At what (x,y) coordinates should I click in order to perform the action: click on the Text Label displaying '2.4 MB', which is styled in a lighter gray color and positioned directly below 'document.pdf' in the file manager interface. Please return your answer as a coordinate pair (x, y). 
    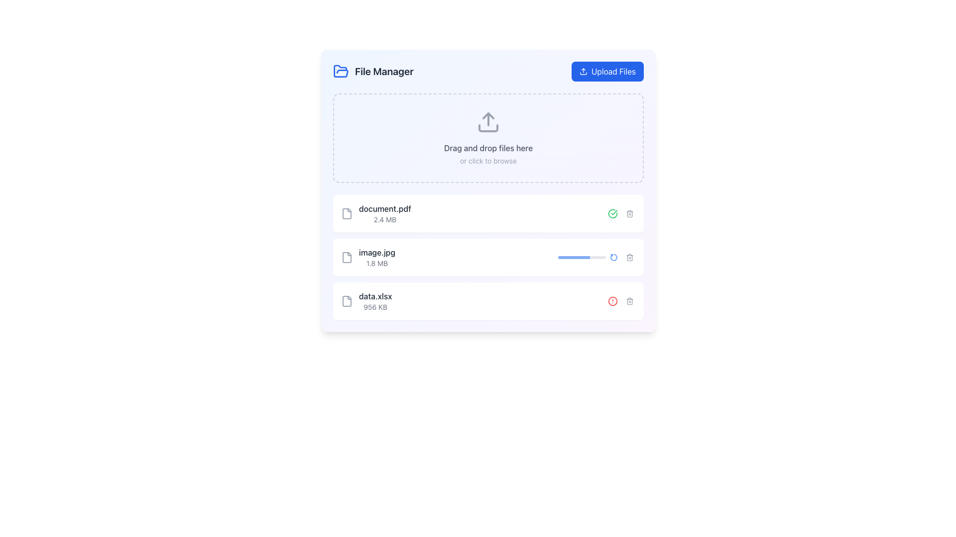
    Looking at the image, I should click on (384, 219).